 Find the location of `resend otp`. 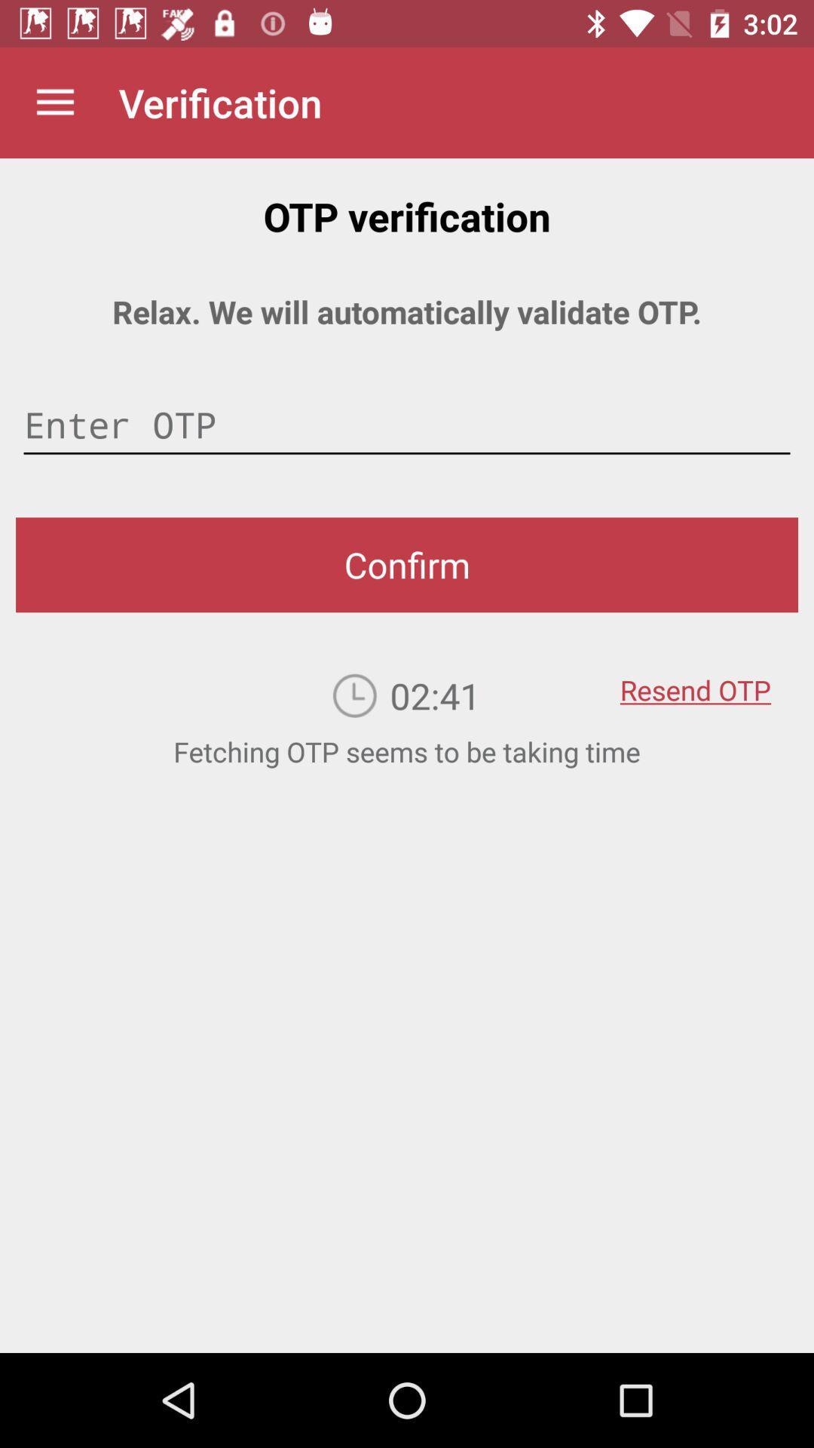

resend otp is located at coordinates (695, 679).